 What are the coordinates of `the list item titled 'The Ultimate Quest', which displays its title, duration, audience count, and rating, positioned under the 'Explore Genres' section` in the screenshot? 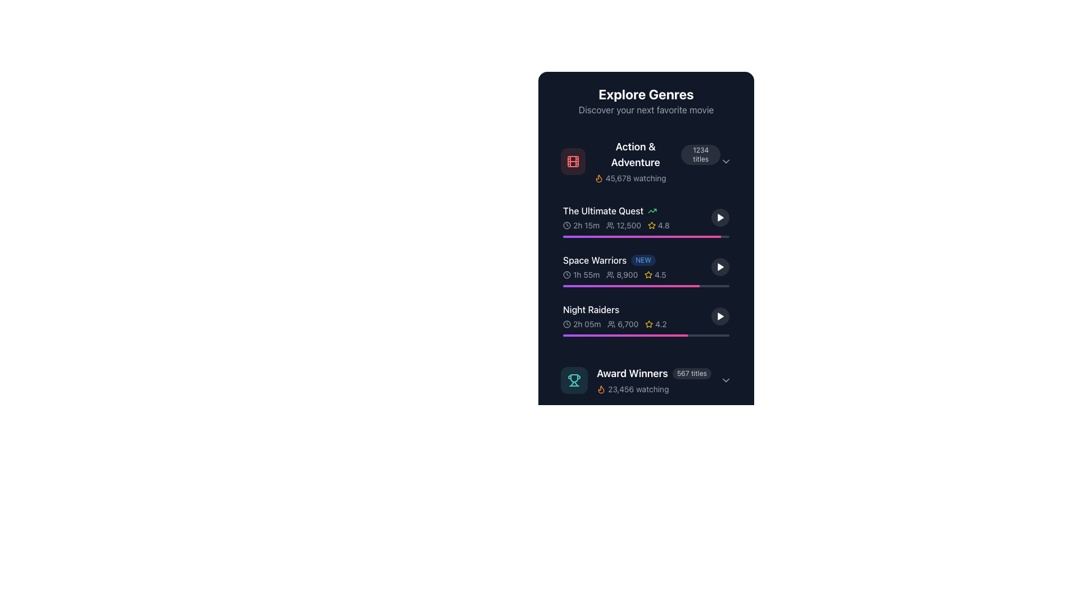 It's located at (637, 218).